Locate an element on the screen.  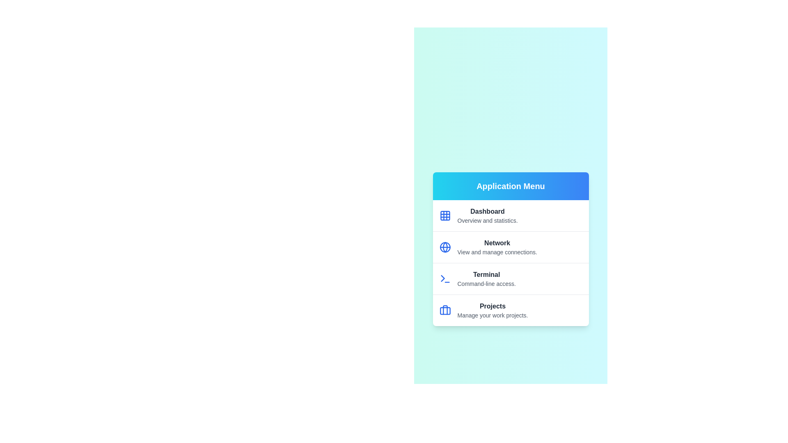
the icon for the menu item labeled Projects is located at coordinates (444, 310).